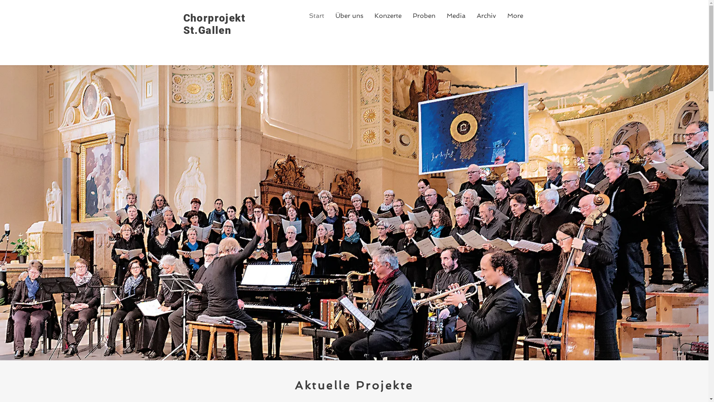  What do you see at coordinates (387, 16) in the screenshot?
I see `'Konzerte'` at bounding box center [387, 16].